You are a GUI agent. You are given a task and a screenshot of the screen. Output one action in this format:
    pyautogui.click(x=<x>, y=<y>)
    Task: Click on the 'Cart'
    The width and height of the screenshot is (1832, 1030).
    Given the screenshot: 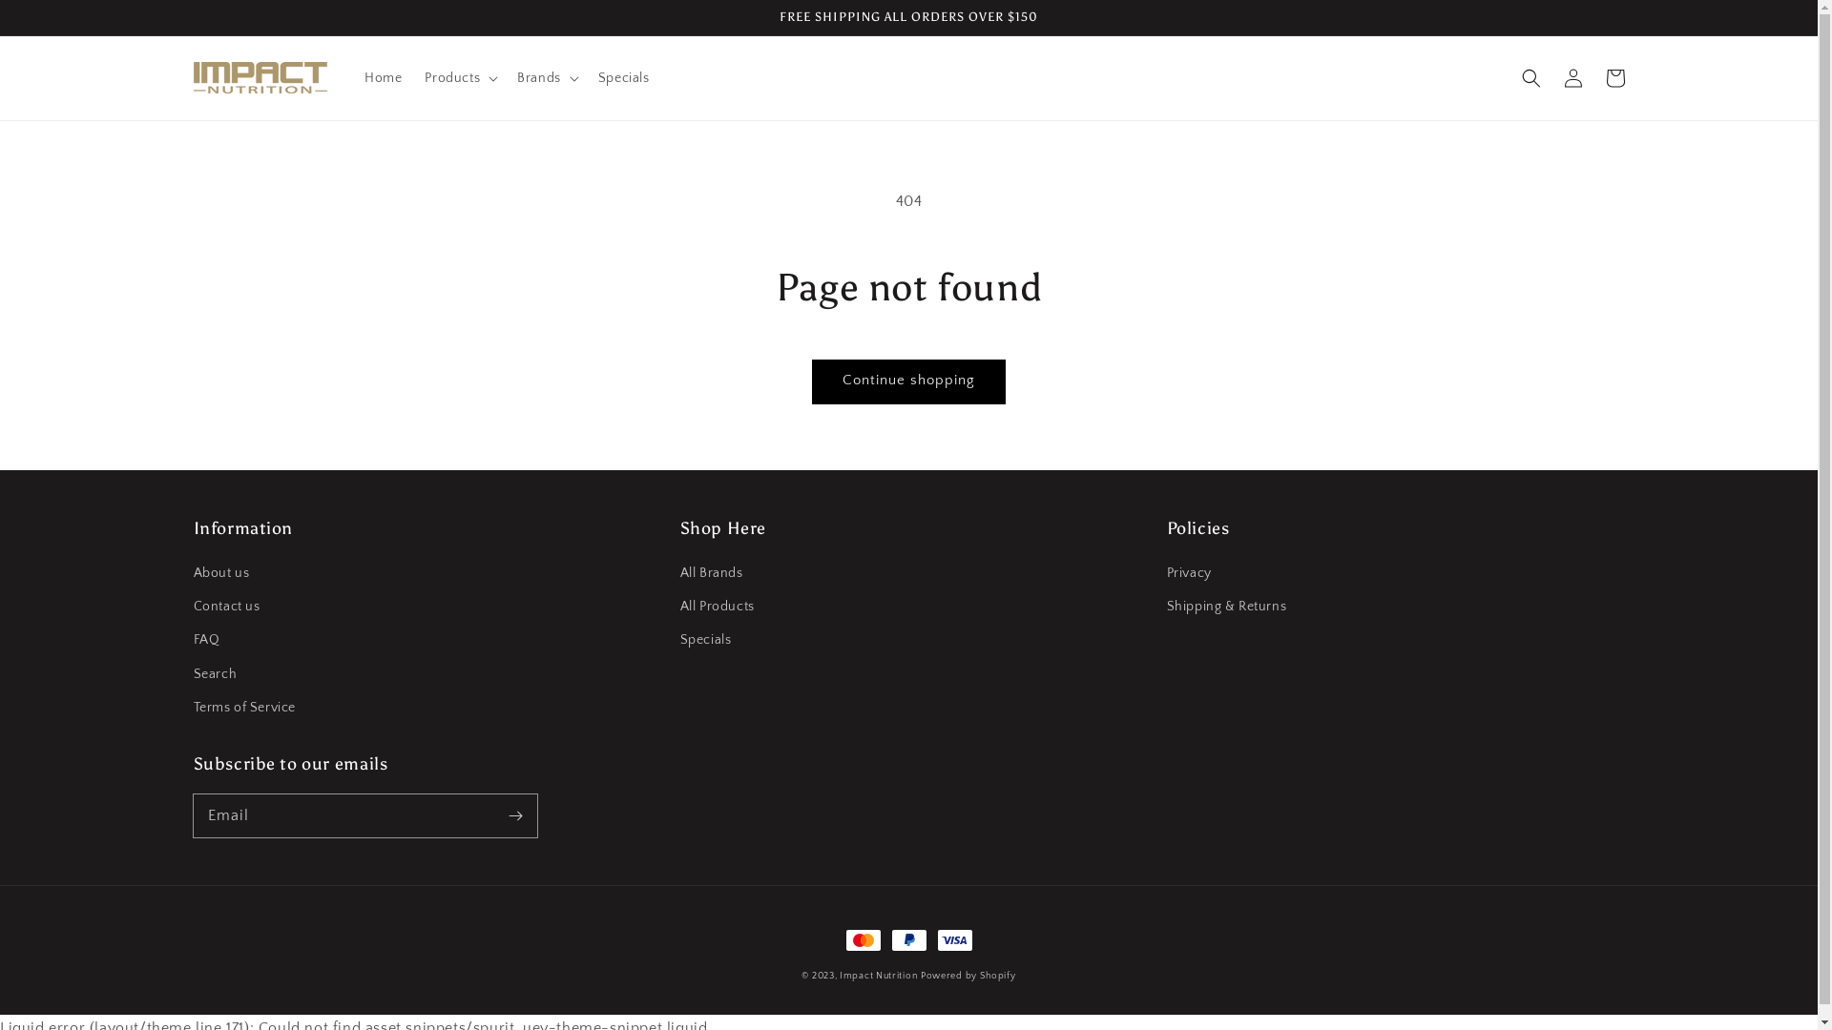 What is the action you would take?
    pyautogui.click(x=1613, y=76)
    